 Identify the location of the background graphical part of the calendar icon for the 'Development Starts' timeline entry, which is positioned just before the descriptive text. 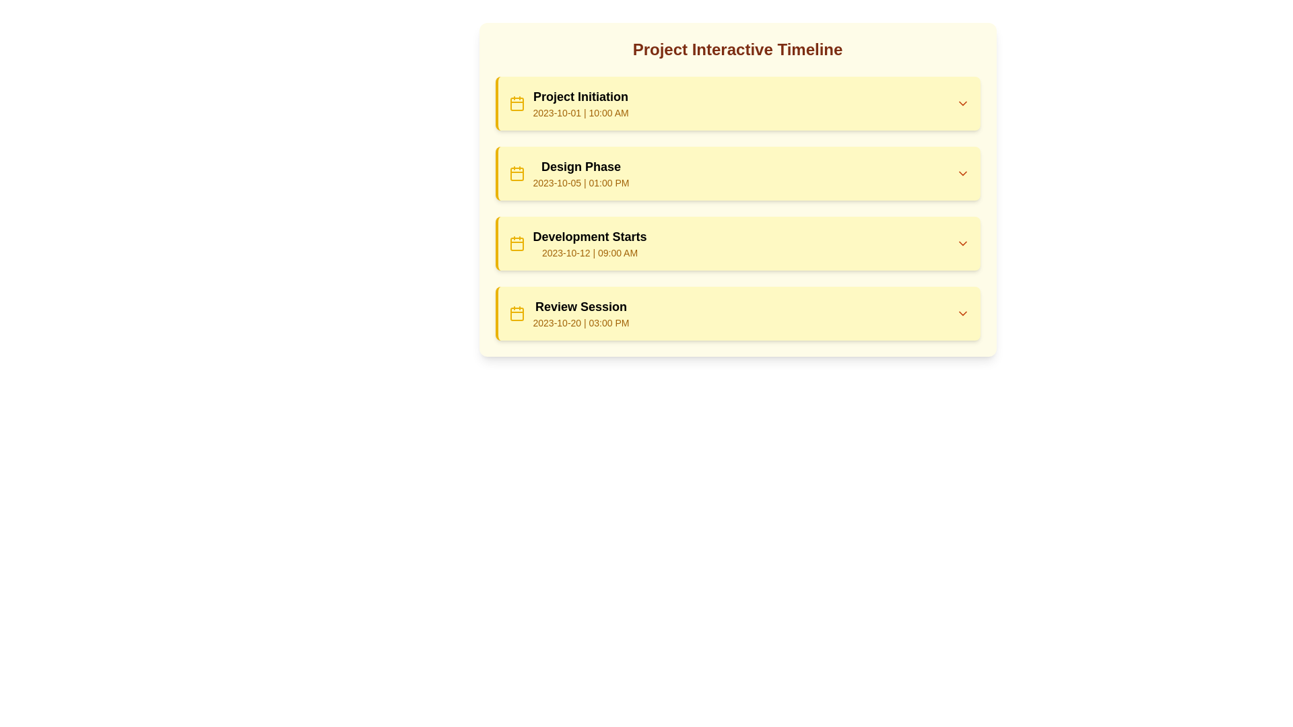
(516, 244).